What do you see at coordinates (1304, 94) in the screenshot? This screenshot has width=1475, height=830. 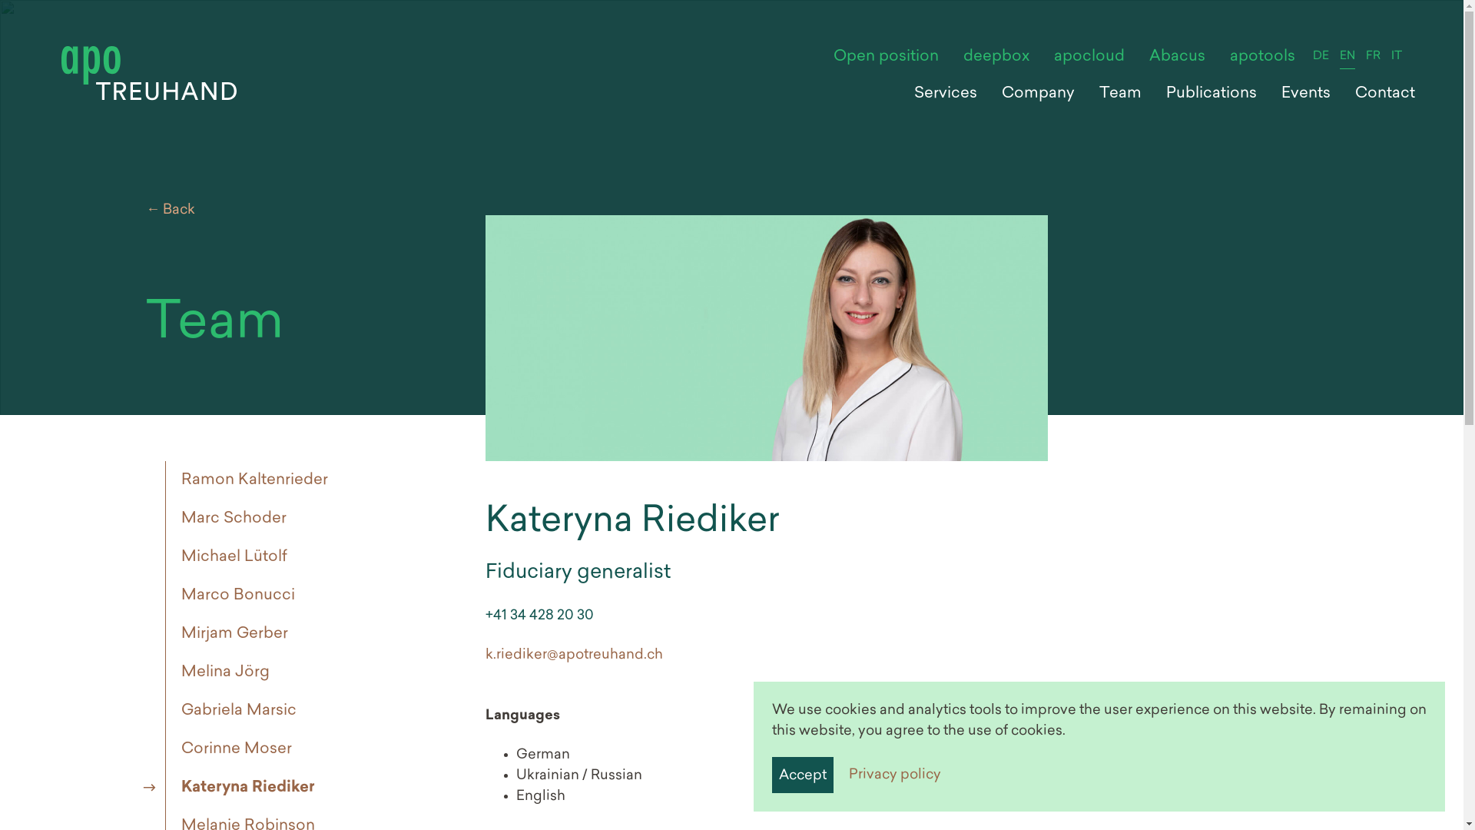 I see `'Events'` at bounding box center [1304, 94].